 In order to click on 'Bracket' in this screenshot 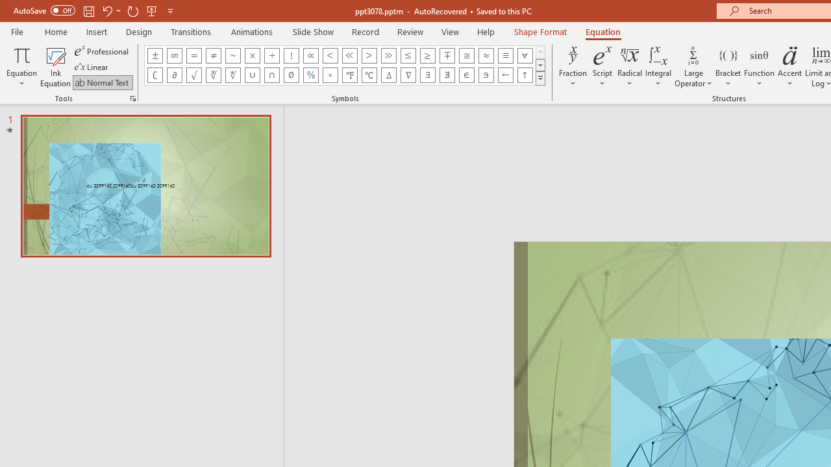, I will do `click(728, 67)`.